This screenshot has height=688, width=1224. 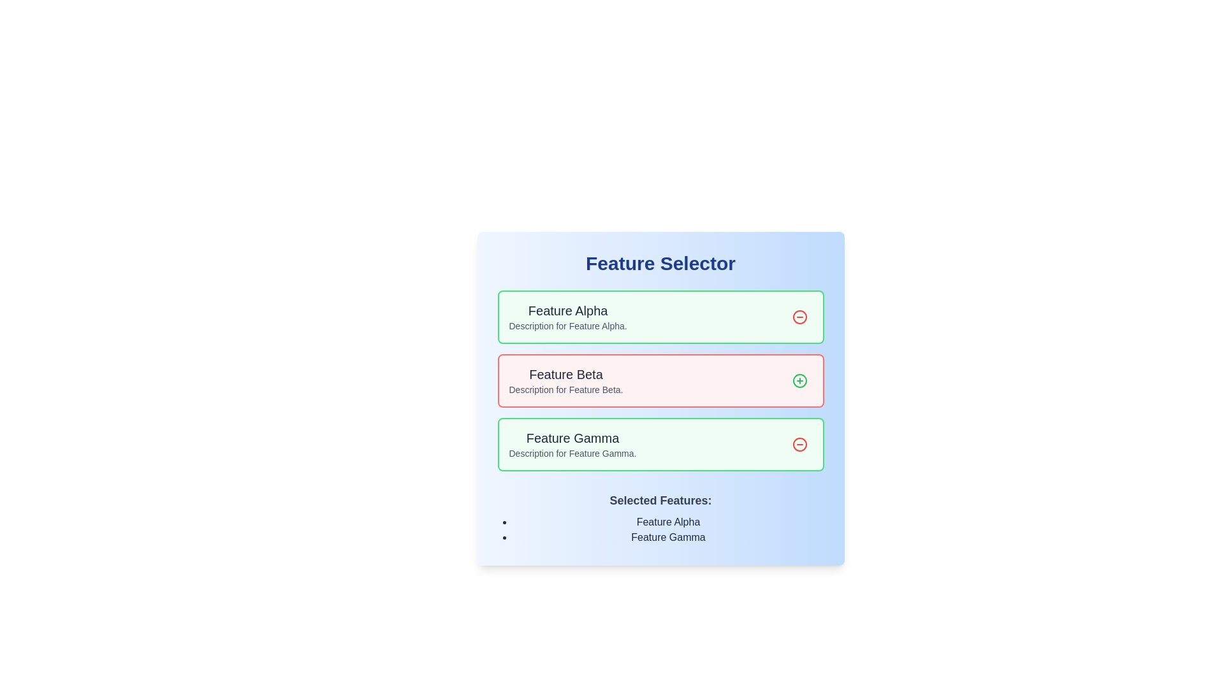 What do you see at coordinates (565, 373) in the screenshot?
I see `the title text label for the 'Feature Beta' feature, which visually identifies the feature in the list` at bounding box center [565, 373].